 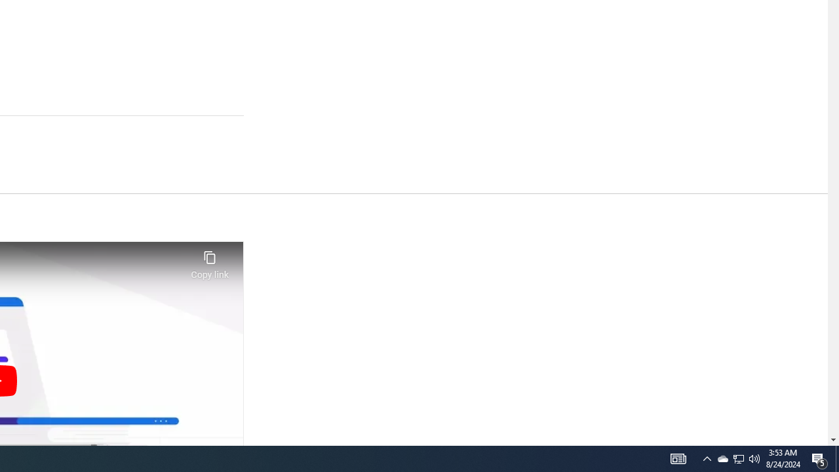 I want to click on 'Copy link', so click(x=210, y=261).